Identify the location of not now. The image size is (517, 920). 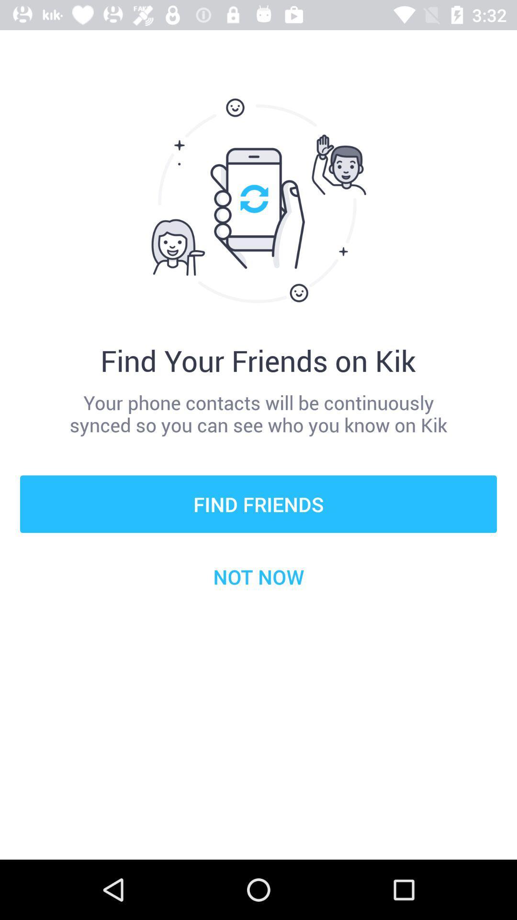
(258, 576).